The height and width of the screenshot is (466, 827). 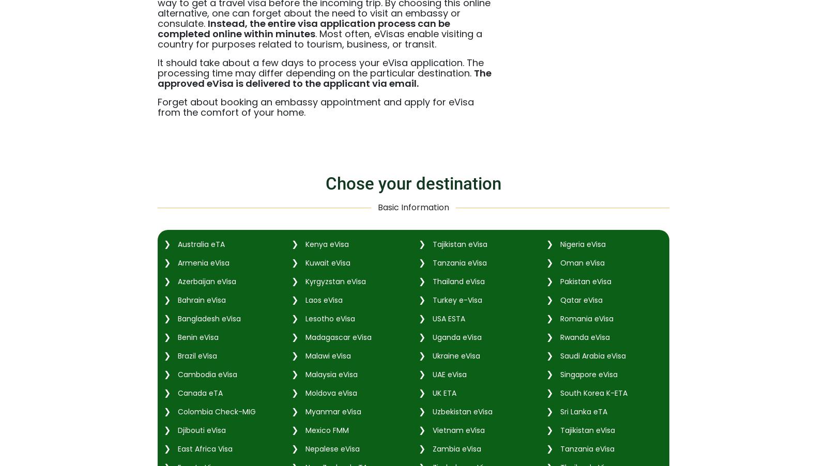 What do you see at coordinates (176, 448) in the screenshot?
I see `'East Africa Visa'` at bounding box center [176, 448].